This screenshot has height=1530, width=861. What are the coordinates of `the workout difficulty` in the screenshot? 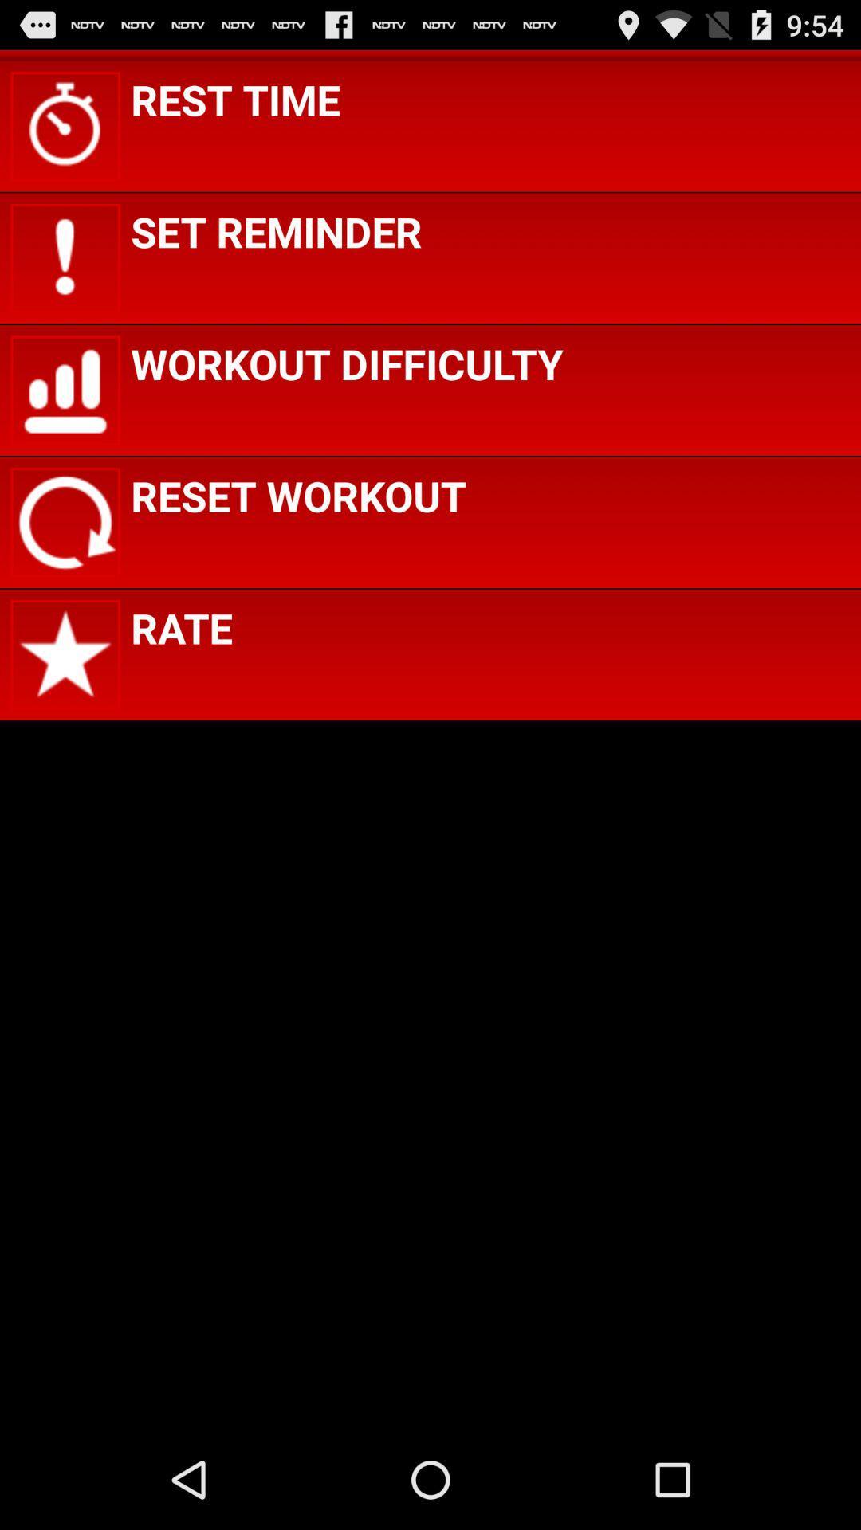 It's located at (346, 363).